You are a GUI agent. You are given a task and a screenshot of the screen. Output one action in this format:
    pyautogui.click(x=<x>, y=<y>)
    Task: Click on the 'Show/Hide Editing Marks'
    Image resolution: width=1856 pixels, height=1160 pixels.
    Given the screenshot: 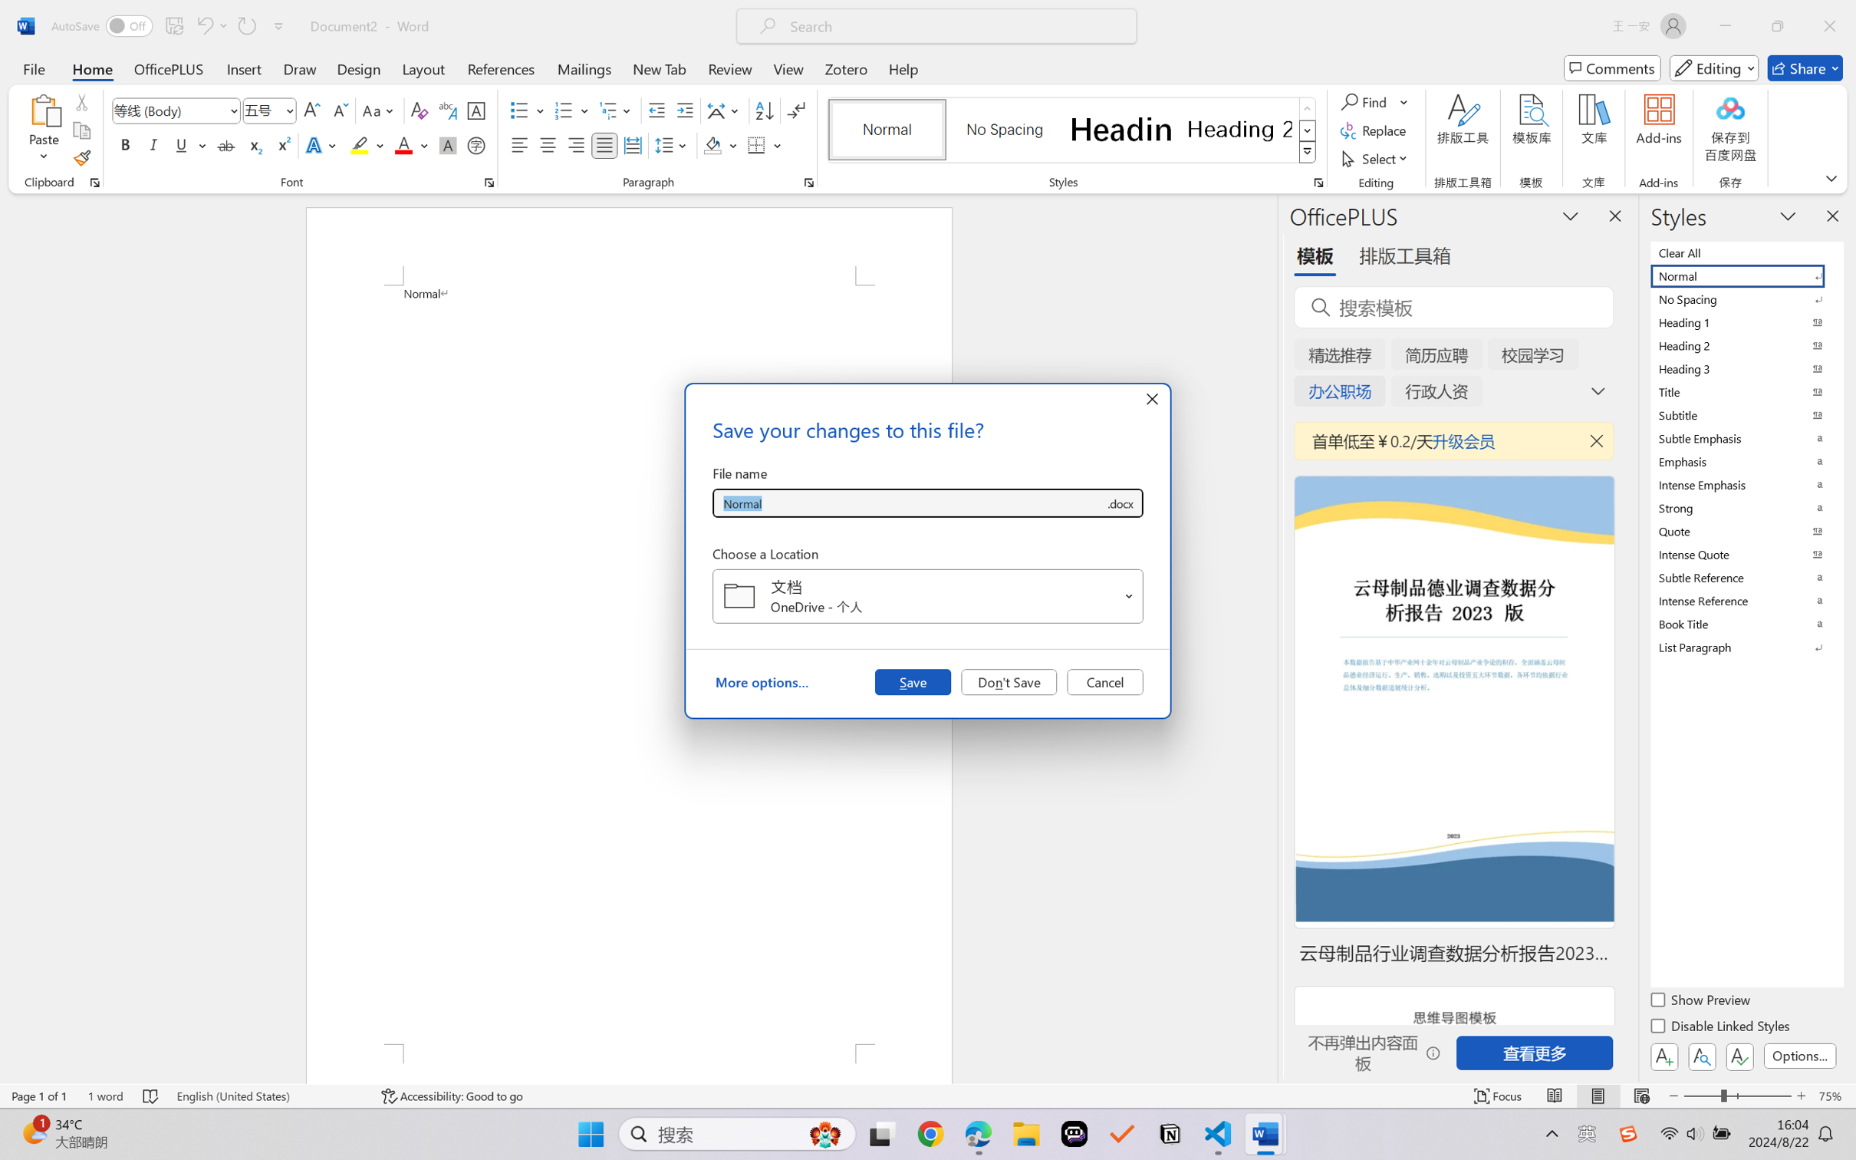 What is the action you would take?
    pyautogui.click(x=795, y=110)
    